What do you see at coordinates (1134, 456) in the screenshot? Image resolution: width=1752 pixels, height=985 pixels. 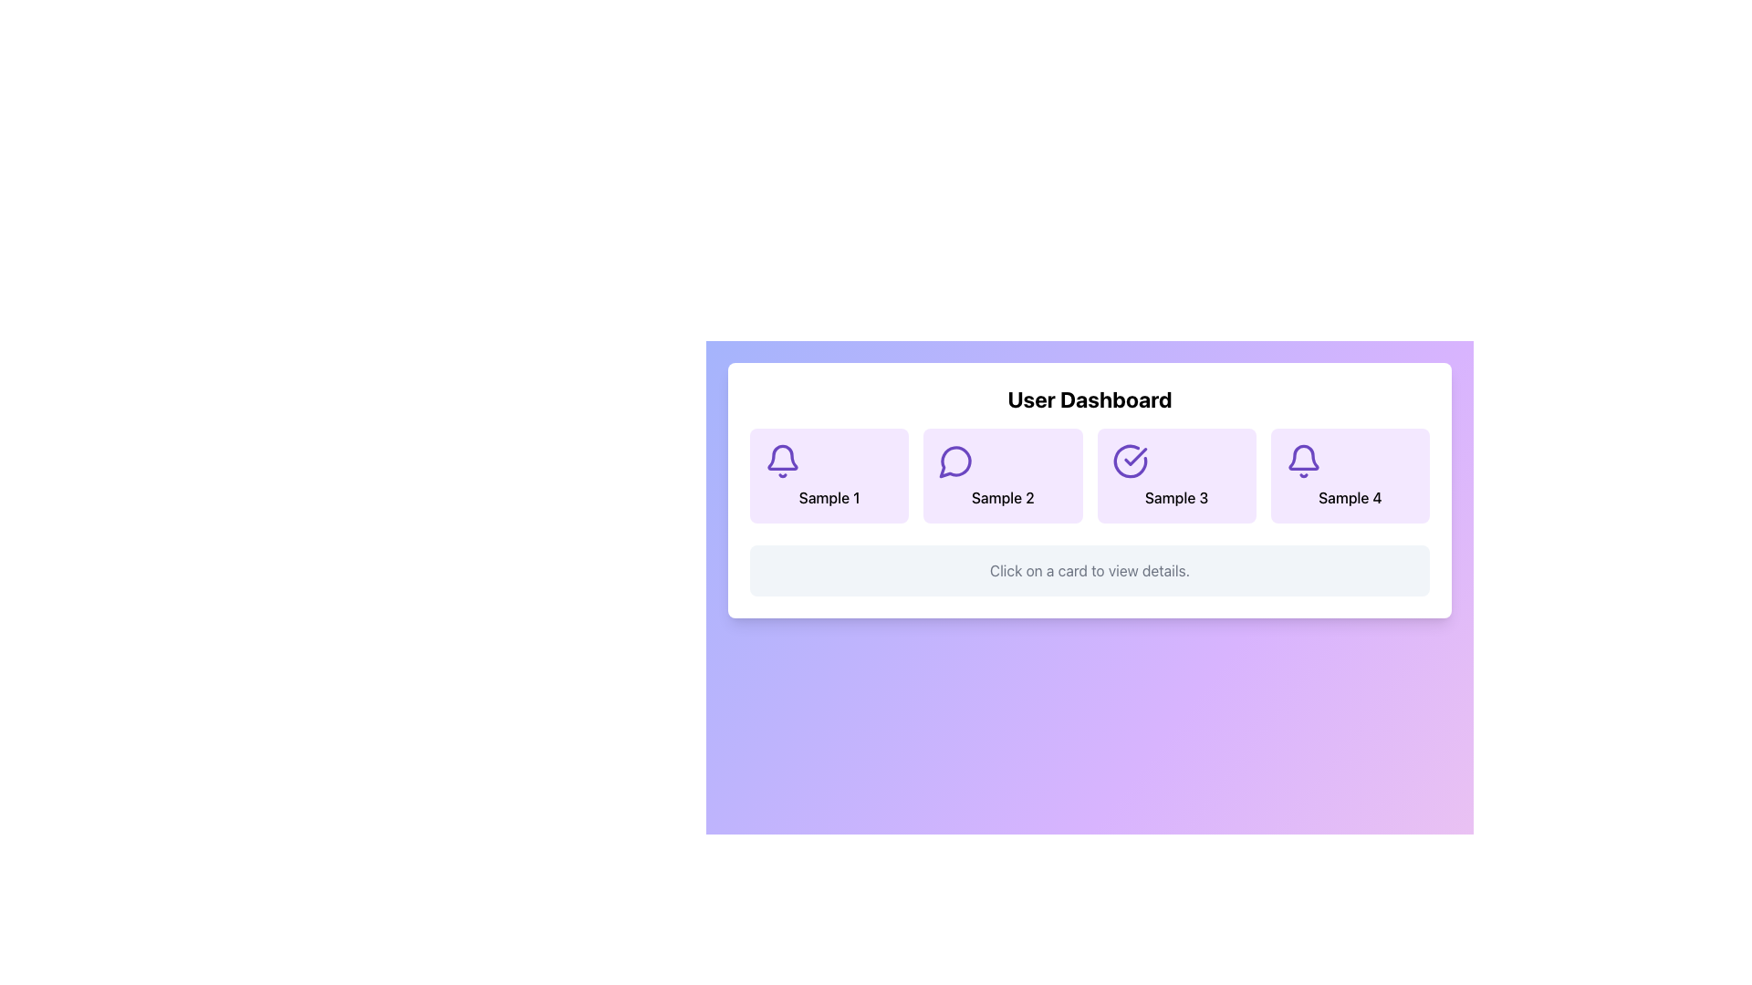 I see `the checkmark inside the 'Sample 3' icon on the dashboard` at bounding box center [1134, 456].